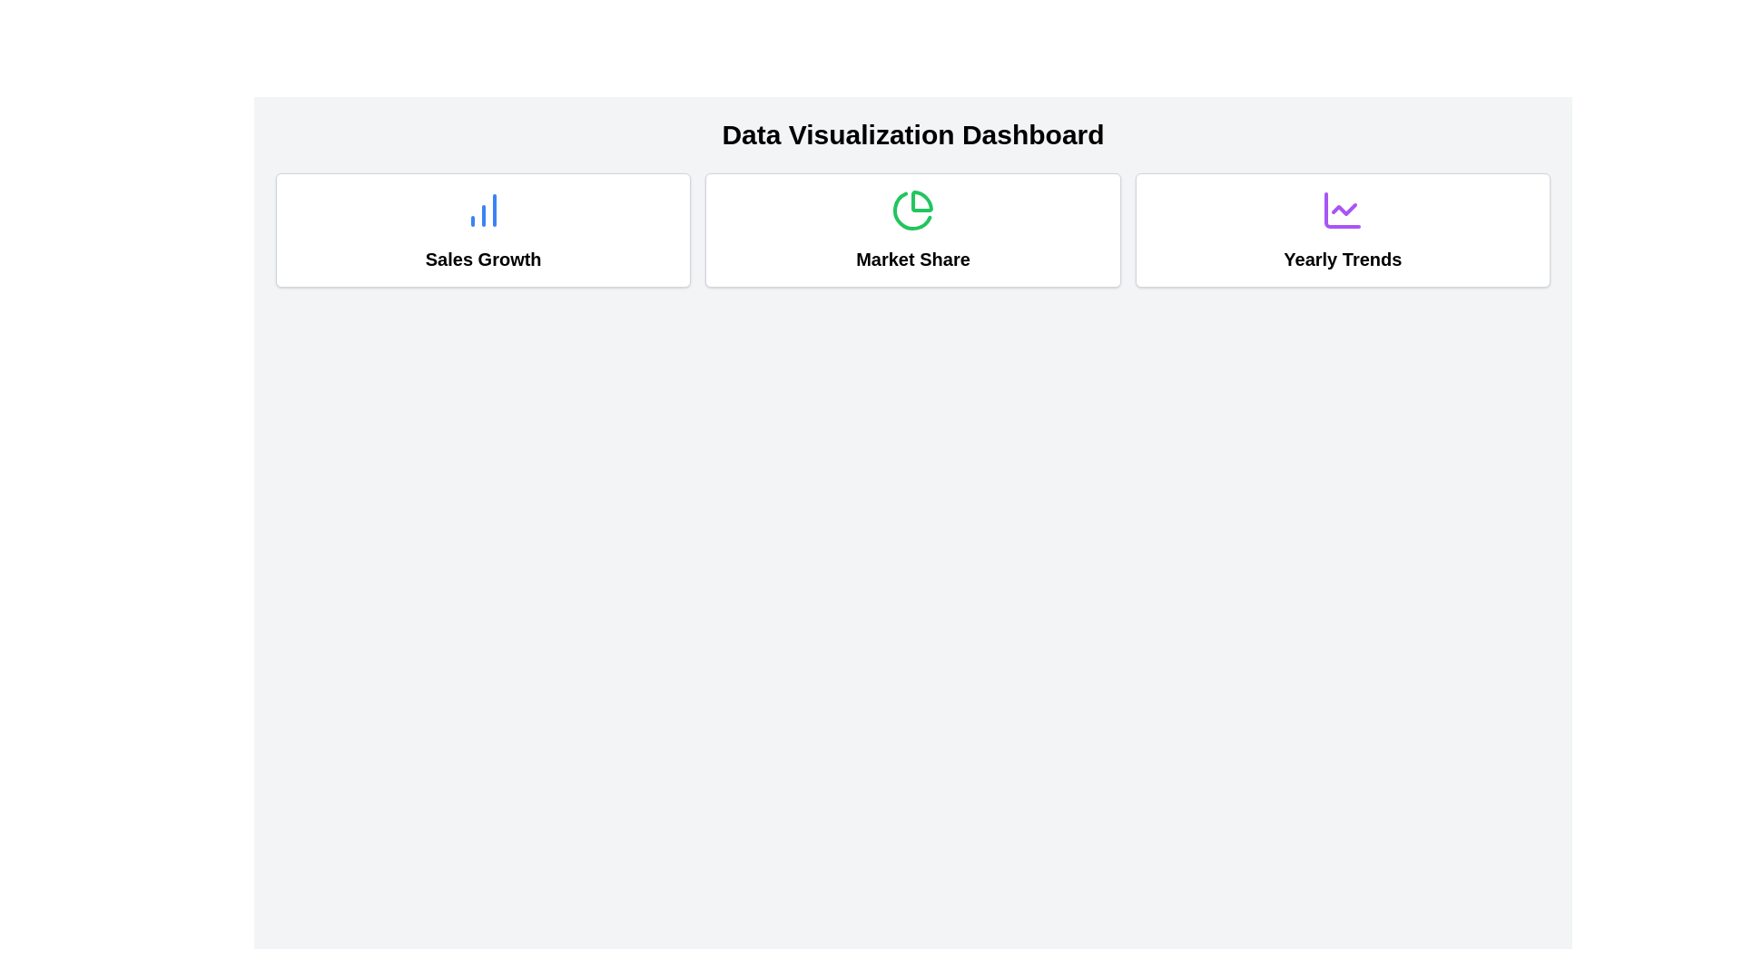 The height and width of the screenshot is (980, 1743). Describe the element at coordinates (483, 209) in the screenshot. I see `the small blue bar chart icon located above the 'Sales Growth' label in the first panel of a three-panel layout` at that location.